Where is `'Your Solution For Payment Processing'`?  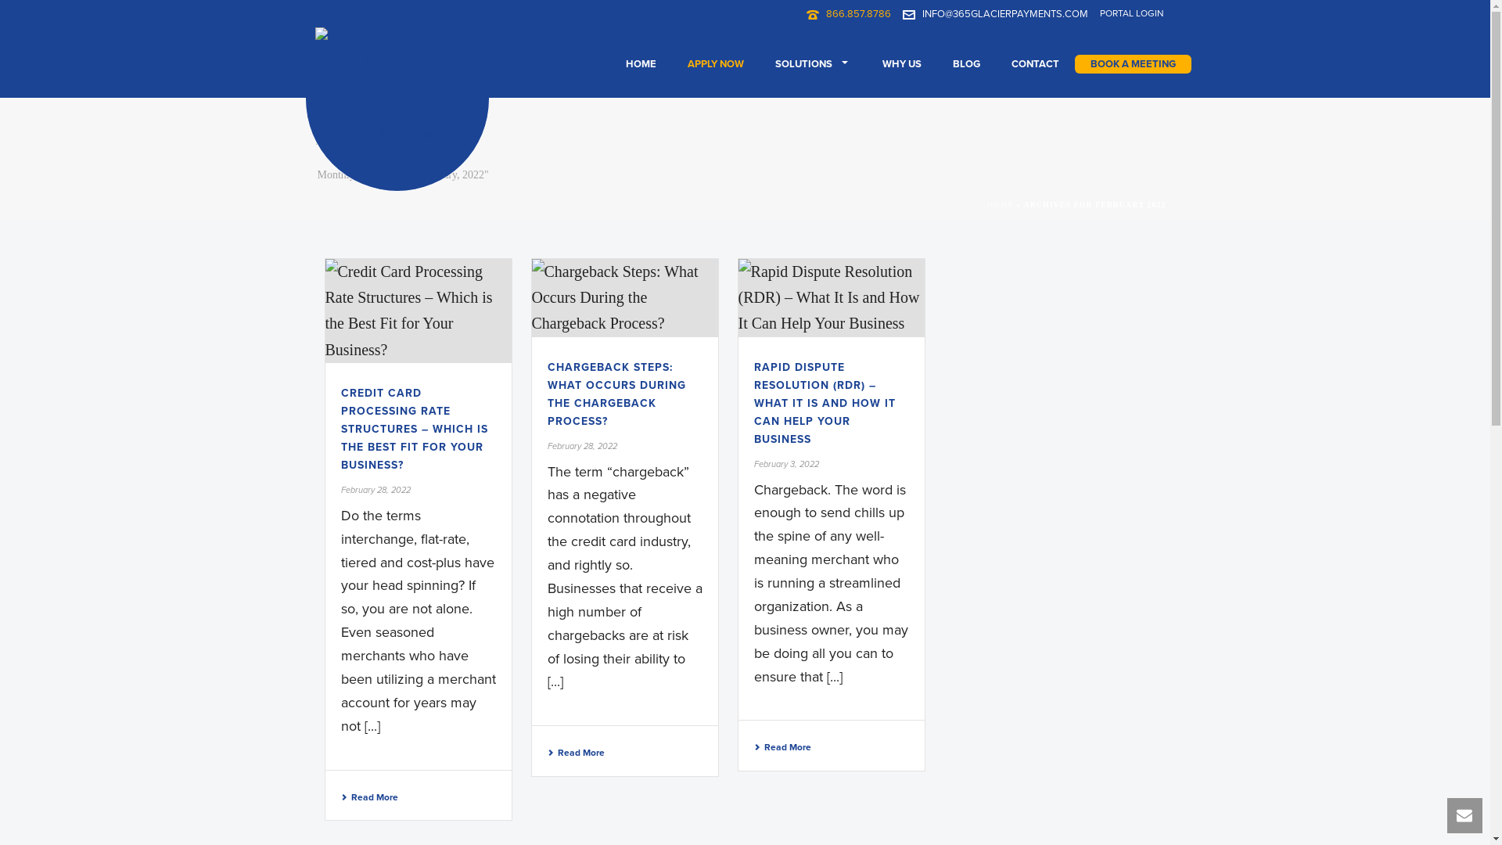
'Your Solution For Payment Processing' is located at coordinates (397, 99).